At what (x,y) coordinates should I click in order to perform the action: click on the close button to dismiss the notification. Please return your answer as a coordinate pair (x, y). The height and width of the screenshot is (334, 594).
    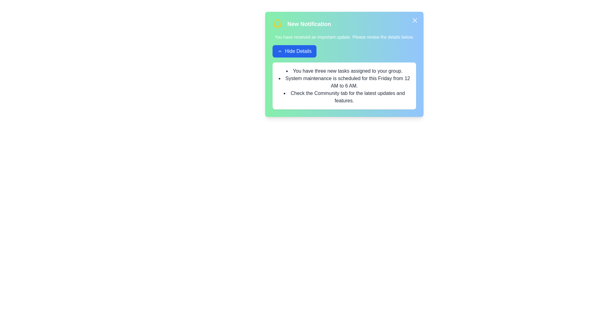
    Looking at the image, I should click on (415, 20).